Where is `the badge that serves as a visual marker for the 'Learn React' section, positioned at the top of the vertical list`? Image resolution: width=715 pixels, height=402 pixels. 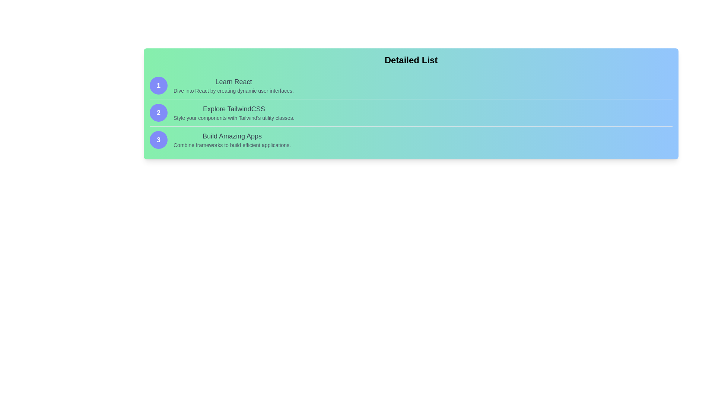 the badge that serves as a visual marker for the 'Learn React' section, positioned at the top of the vertical list is located at coordinates (158, 85).